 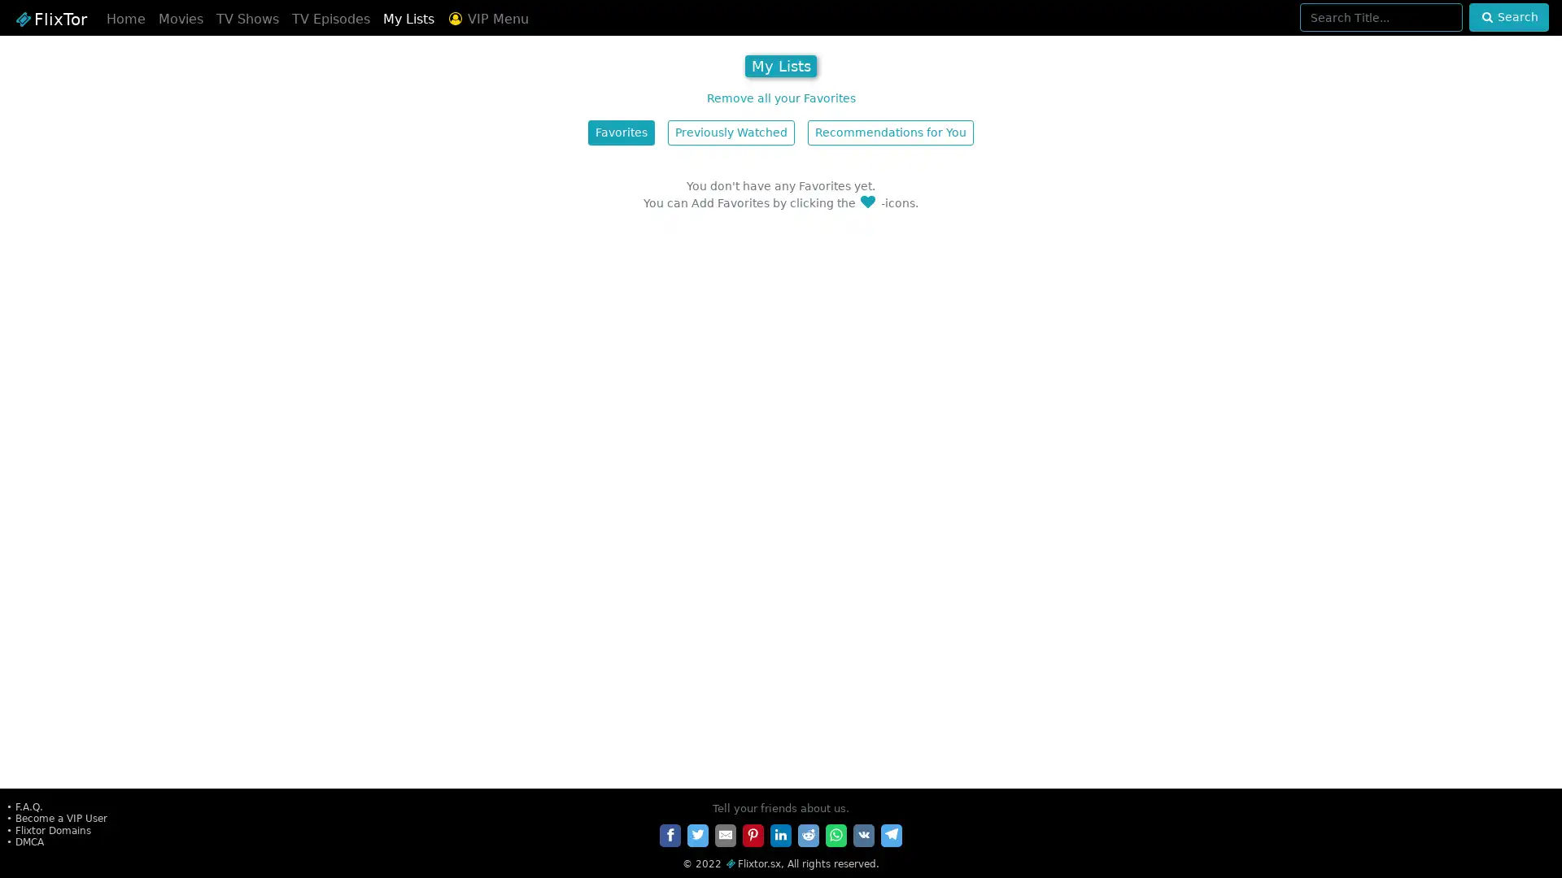 I want to click on Search, so click(x=1507, y=17).